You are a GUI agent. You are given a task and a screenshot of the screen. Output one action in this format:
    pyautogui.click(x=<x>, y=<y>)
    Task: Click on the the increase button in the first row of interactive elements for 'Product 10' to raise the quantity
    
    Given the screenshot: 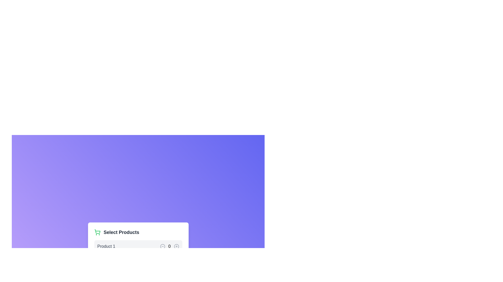 What is the action you would take?
    pyautogui.click(x=138, y=246)
    